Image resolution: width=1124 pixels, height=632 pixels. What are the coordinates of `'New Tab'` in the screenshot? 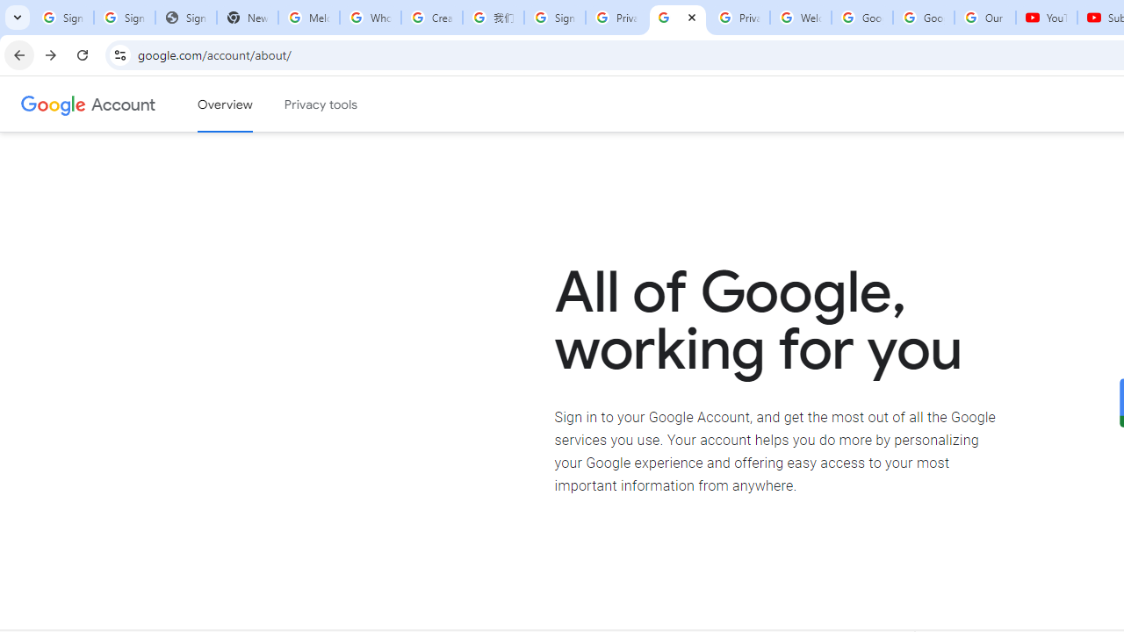 It's located at (247, 18).